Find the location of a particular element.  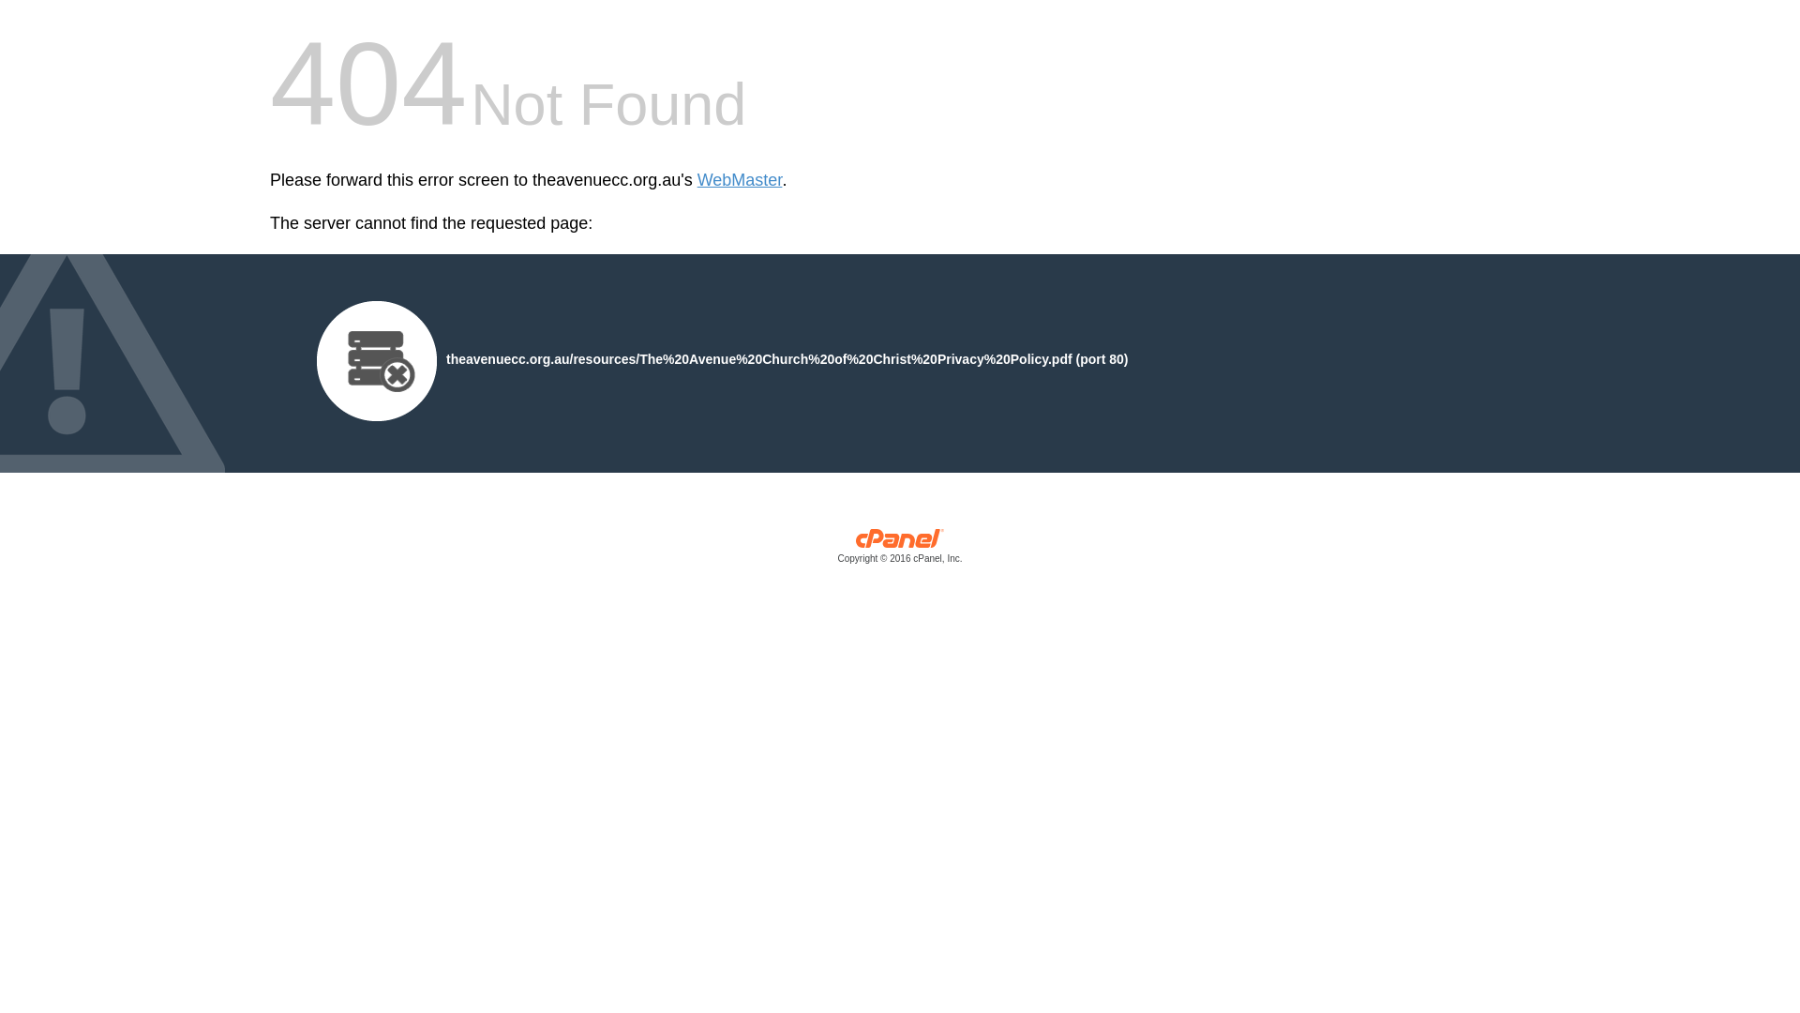

'WebMaster' is located at coordinates (739, 180).